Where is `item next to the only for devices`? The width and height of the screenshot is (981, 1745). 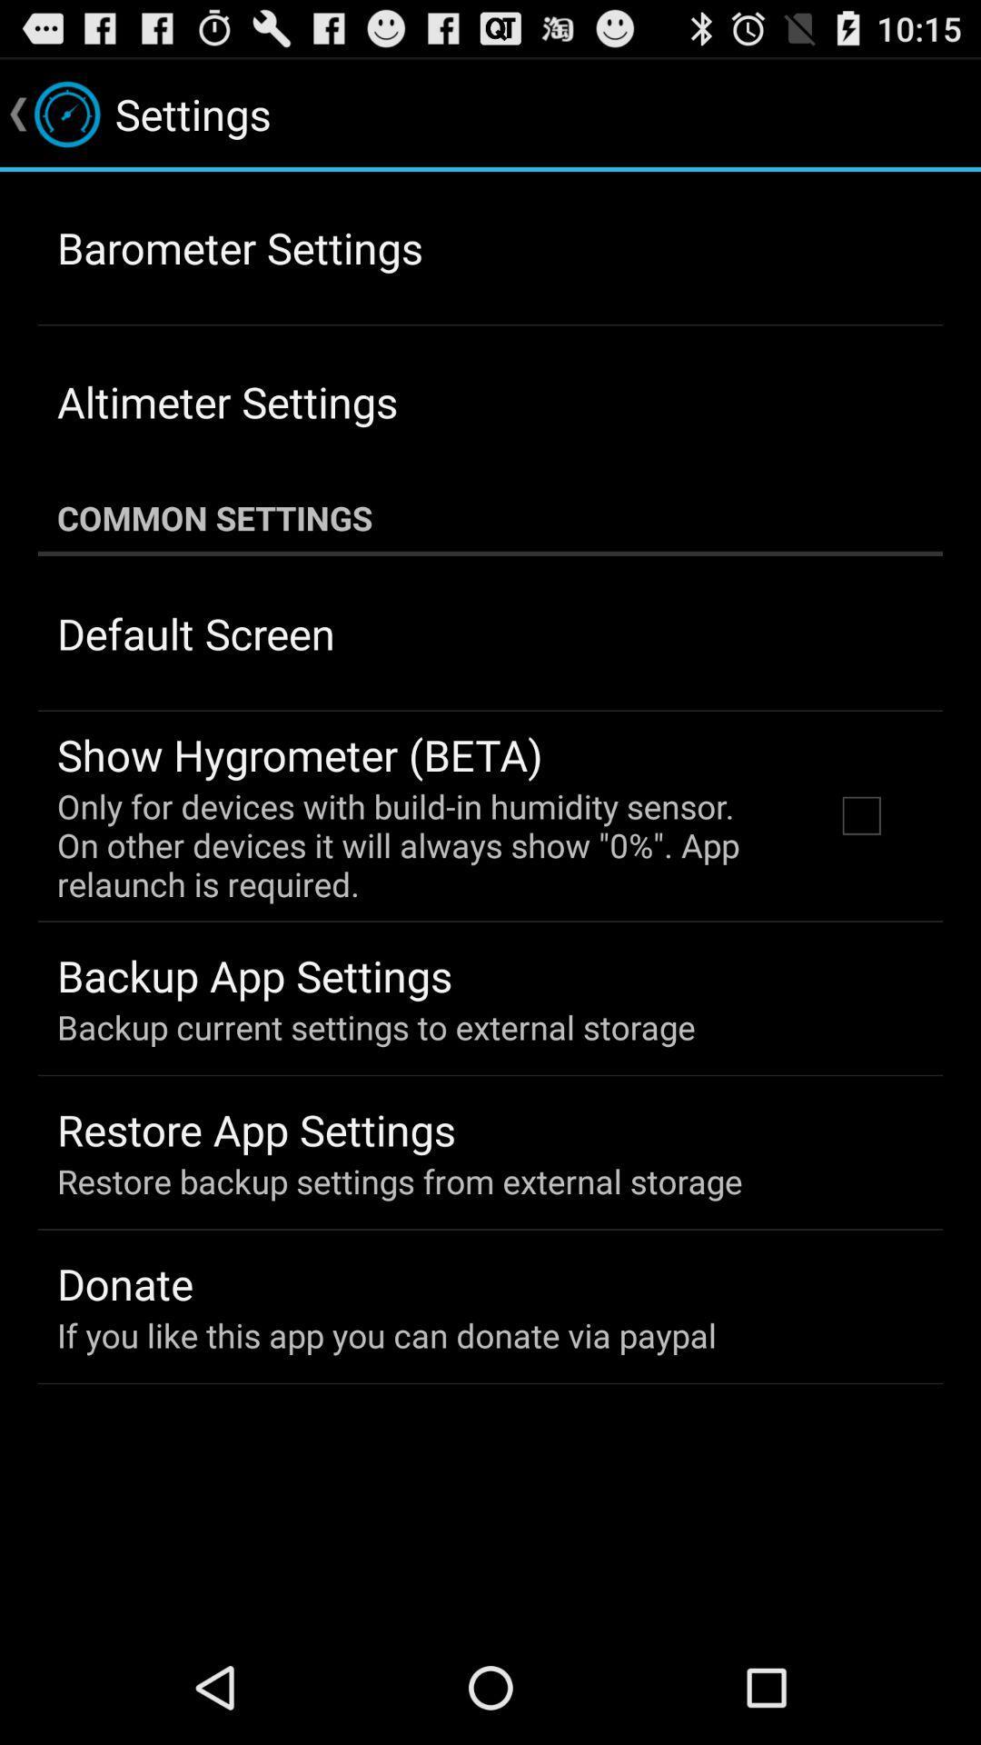
item next to the only for devices is located at coordinates (860, 814).